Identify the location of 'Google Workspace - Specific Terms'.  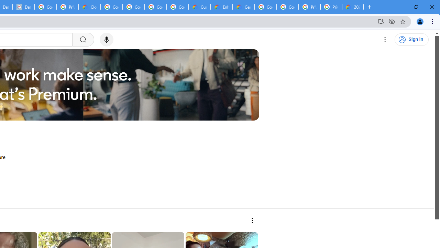
(155, 7).